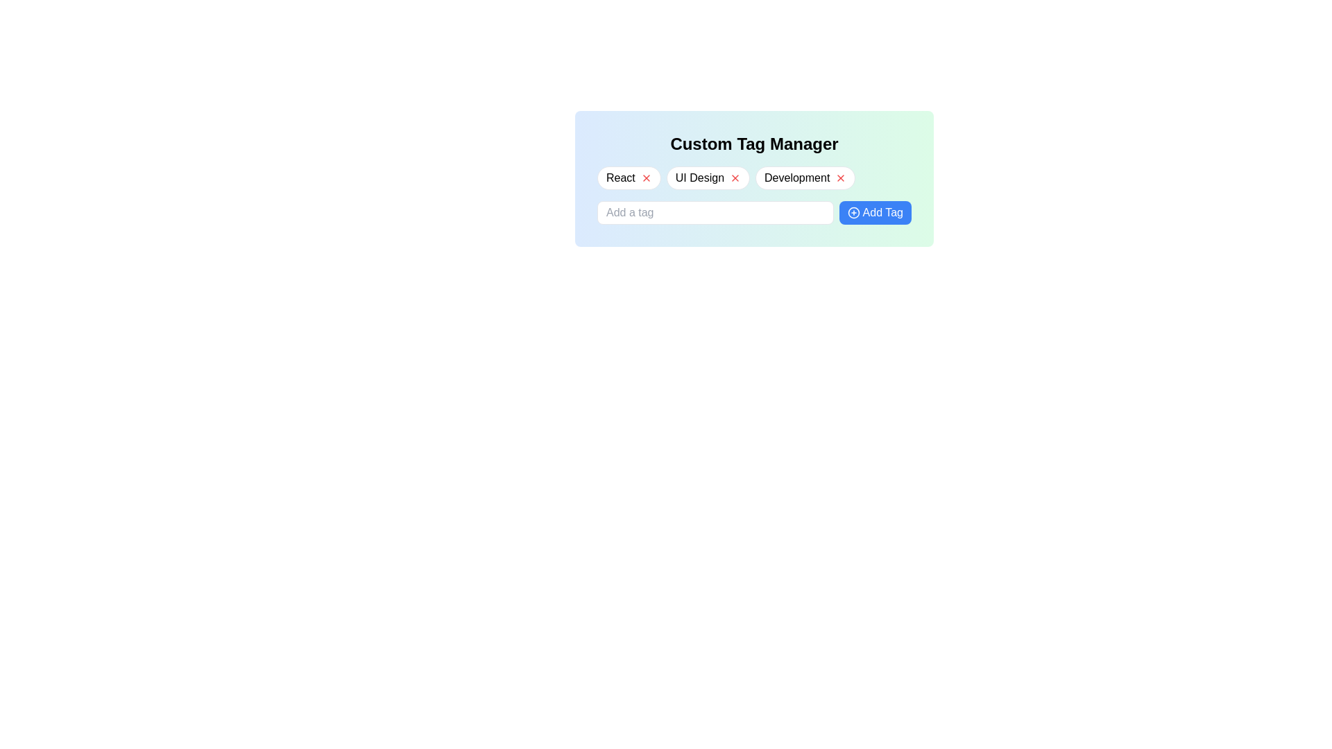  I want to click on the delete button for the 'Development' tag, which is located within the white tag labeled 'Development' in the Custom Tag Manager section, so click(840, 178).